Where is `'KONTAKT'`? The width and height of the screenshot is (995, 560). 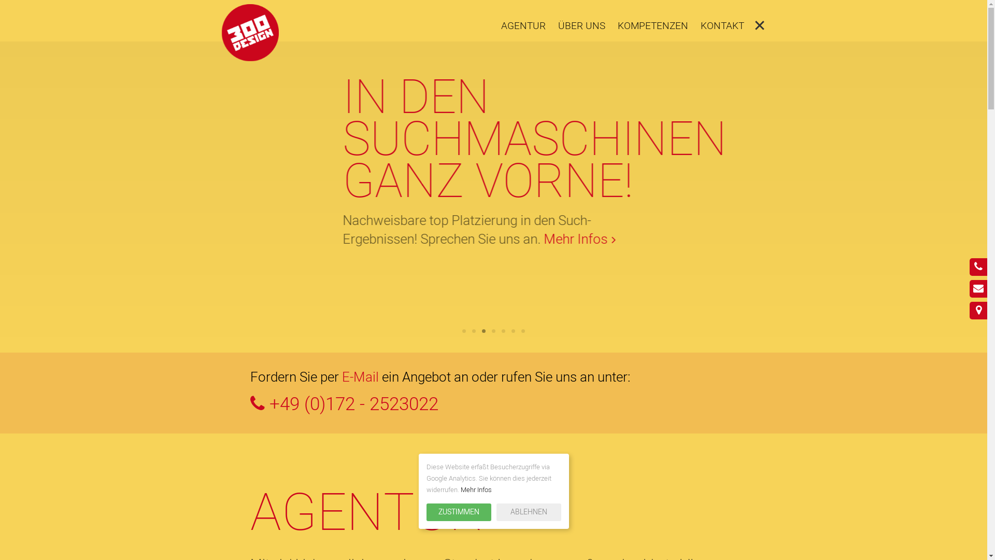 'KONTAKT' is located at coordinates (721, 25).